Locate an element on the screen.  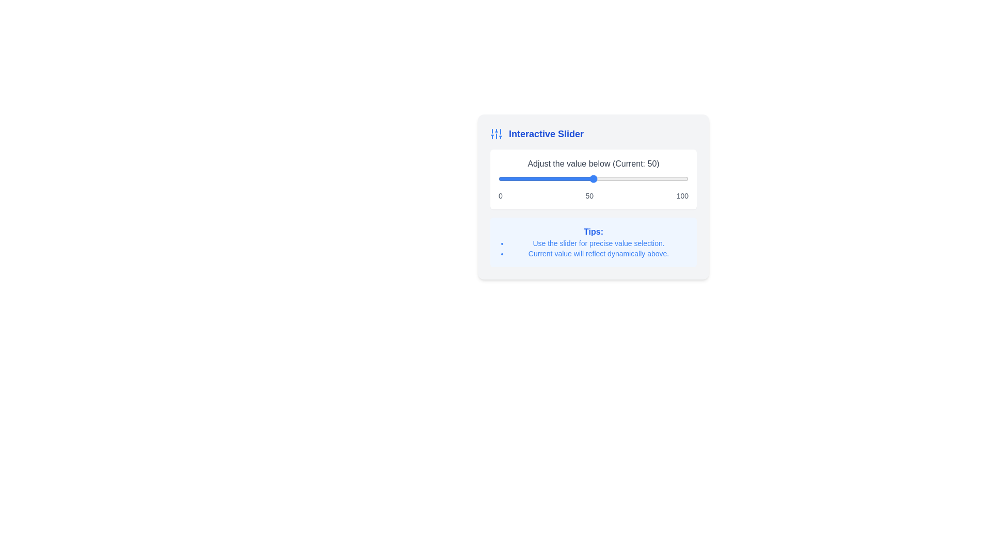
the slider value is located at coordinates (644, 178).